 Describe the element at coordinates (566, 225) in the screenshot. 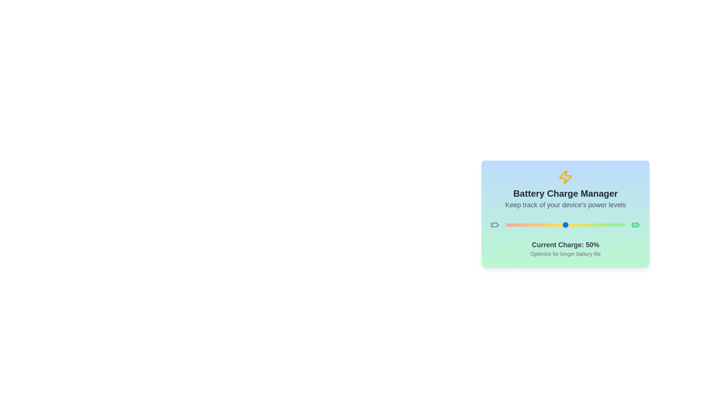

I see `the battery charge level to 50% using the slider` at that location.